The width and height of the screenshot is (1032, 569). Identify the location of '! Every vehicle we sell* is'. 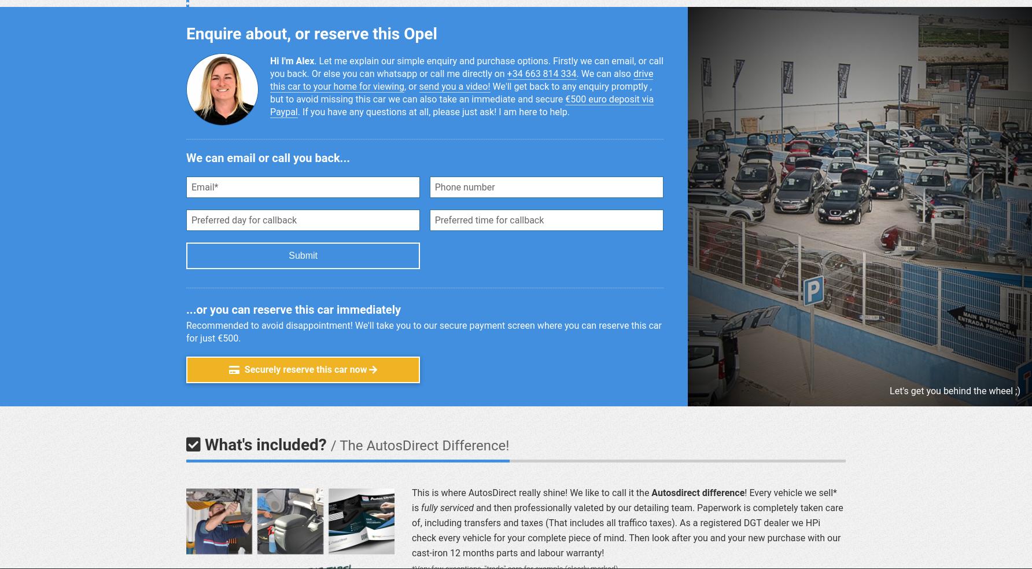
(623, 500).